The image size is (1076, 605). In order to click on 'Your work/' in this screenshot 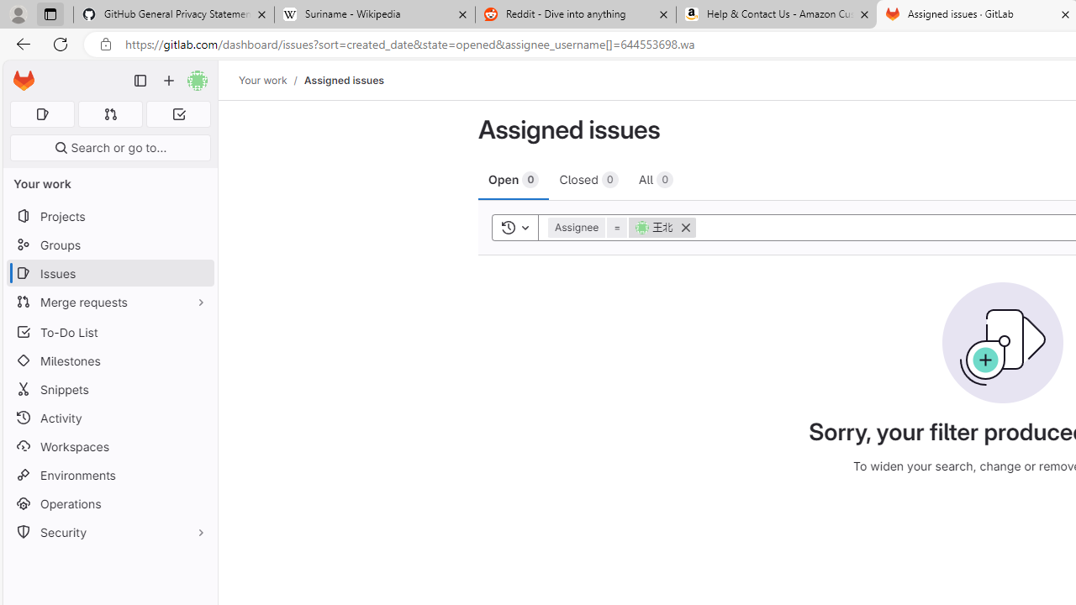, I will do `click(272, 80)`.